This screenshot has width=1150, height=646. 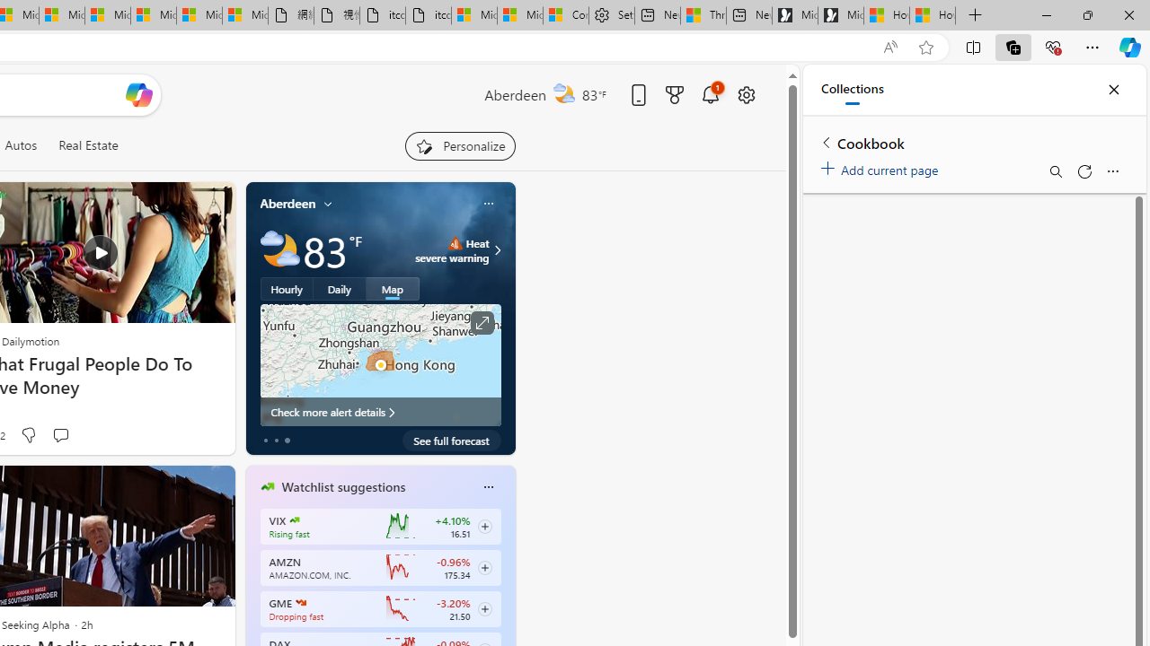 What do you see at coordinates (379, 411) in the screenshot?
I see `'Check more alert details'` at bounding box center [379, 411].